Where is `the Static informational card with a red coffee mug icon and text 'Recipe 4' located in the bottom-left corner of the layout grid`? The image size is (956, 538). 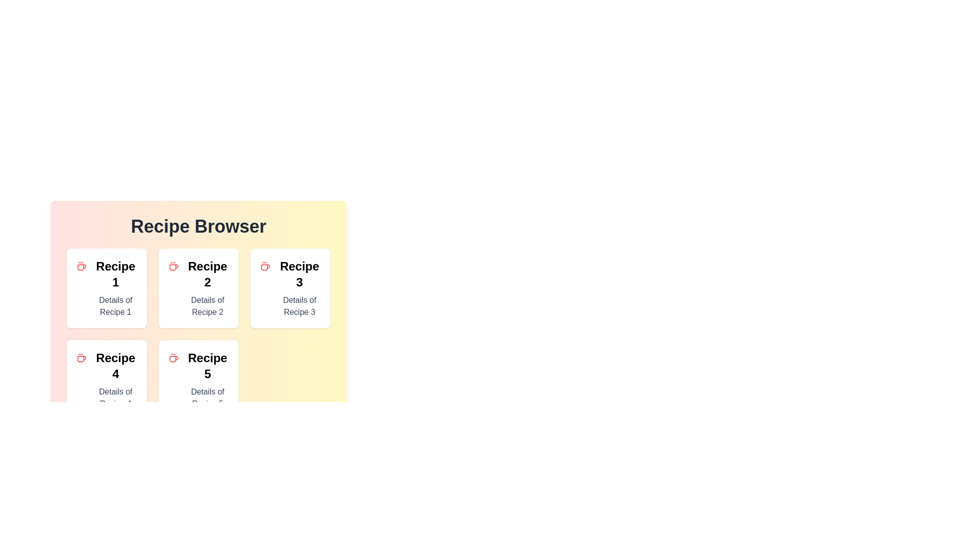
the Static informational card with a red coffee mug icon and text 'Recipe 4' located in the bottom-left corner of the layout grid is located at coordinates (107, 380).